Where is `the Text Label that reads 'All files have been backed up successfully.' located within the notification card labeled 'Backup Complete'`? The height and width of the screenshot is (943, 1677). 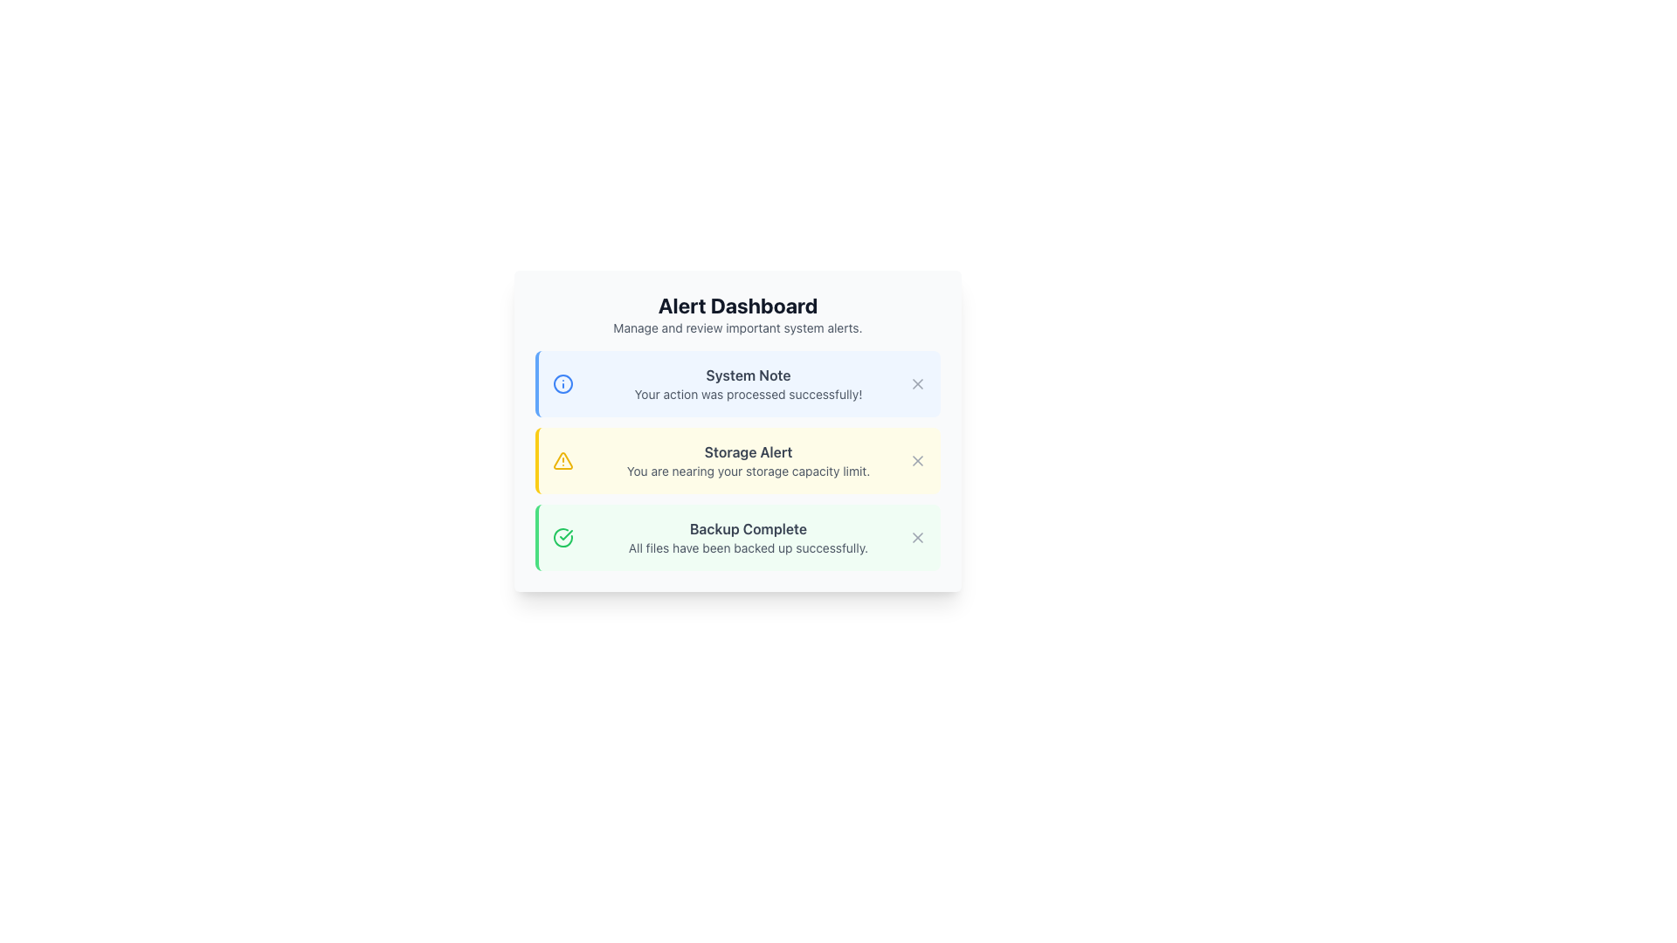
the Text Label that reads 'All files have been backed up successfully.' located within the notification card labeled 'Backup Complete' is located at coordinates (749, 547).